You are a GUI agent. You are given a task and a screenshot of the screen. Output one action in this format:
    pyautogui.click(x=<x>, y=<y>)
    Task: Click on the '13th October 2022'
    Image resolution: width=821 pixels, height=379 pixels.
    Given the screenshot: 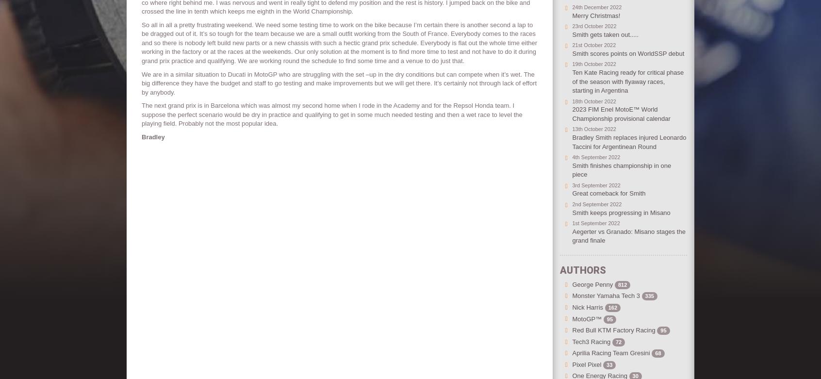 What is the action you would take?
    pyautogui.click(x=571, y=129)
    